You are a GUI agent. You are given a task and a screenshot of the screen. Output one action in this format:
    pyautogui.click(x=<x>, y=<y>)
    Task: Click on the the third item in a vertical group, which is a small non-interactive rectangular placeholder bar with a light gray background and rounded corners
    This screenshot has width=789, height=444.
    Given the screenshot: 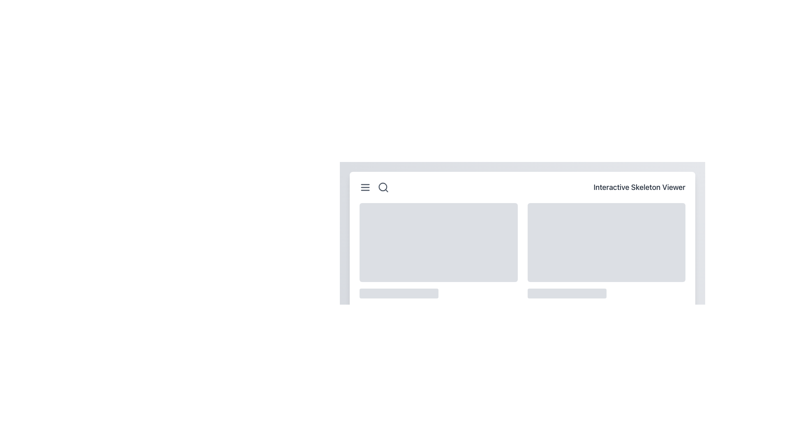 What is the action you would take?
    pyautogui.click(x=547, y=308)
    